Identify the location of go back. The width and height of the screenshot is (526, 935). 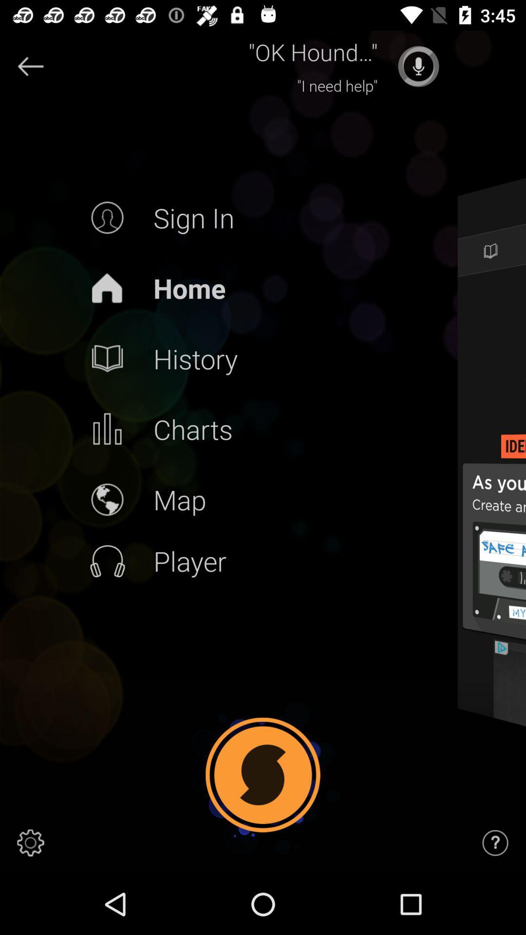
(30, 66).